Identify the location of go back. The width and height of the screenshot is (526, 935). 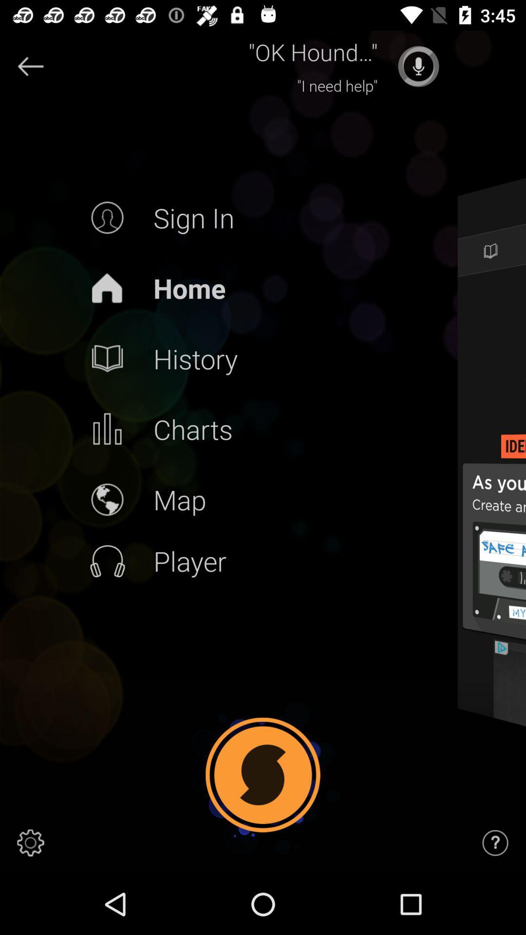
(30, 66).